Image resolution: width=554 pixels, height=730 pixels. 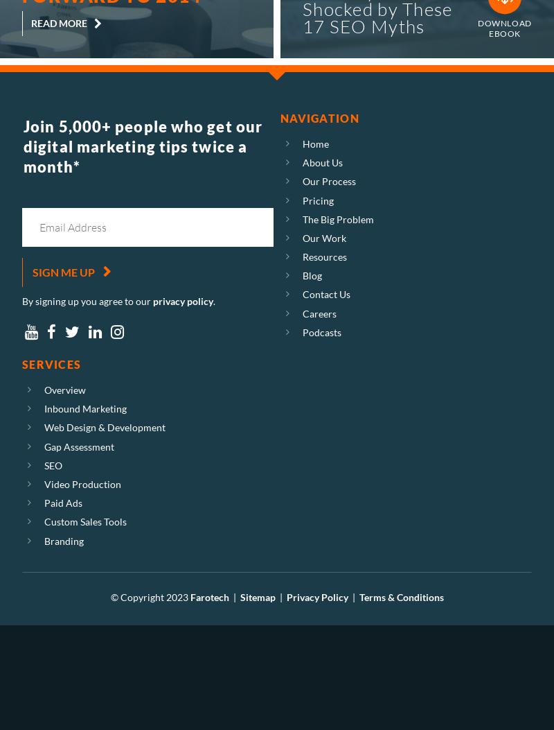 I want to click on 'Our Process', so click(x=302, y=180).